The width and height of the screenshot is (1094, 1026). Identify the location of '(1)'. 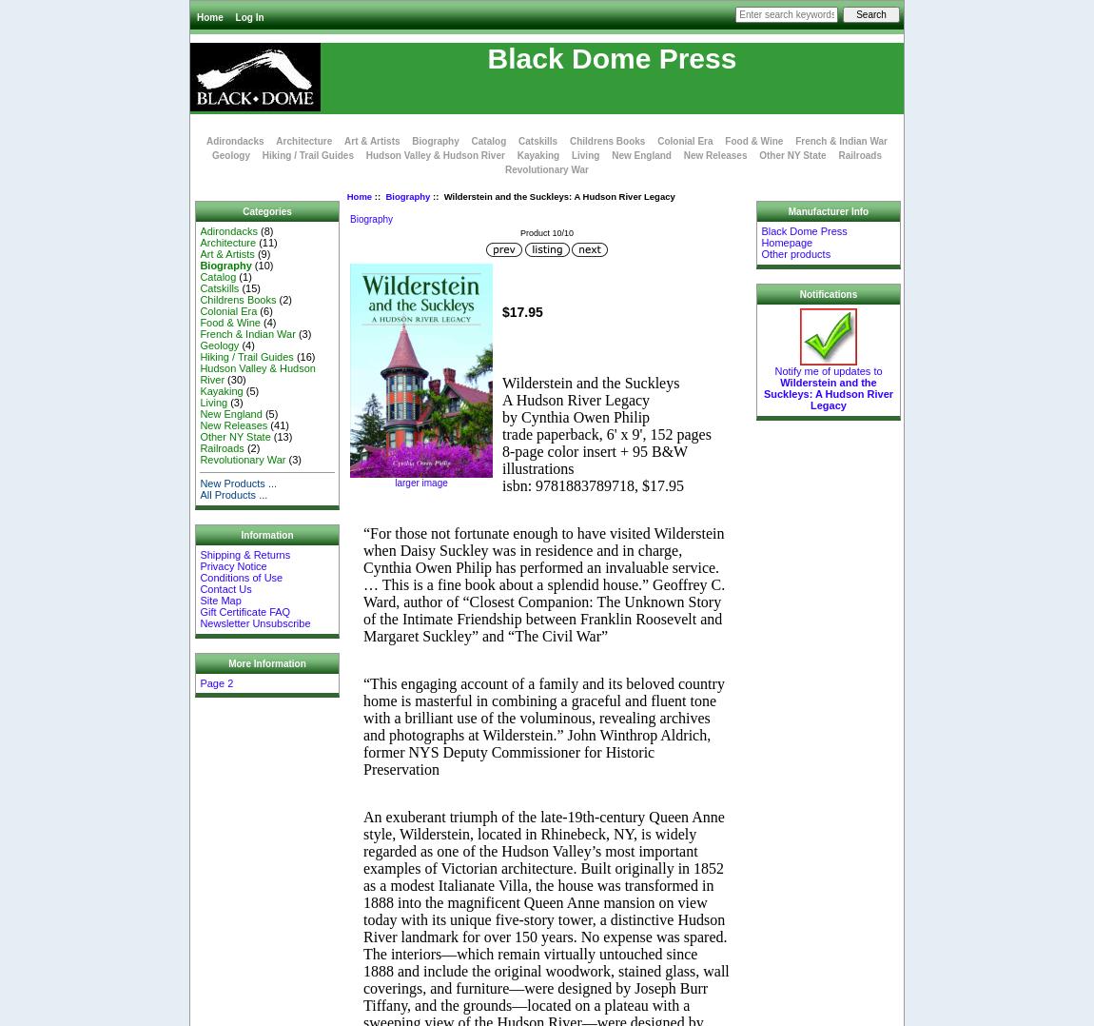
(235, 276).